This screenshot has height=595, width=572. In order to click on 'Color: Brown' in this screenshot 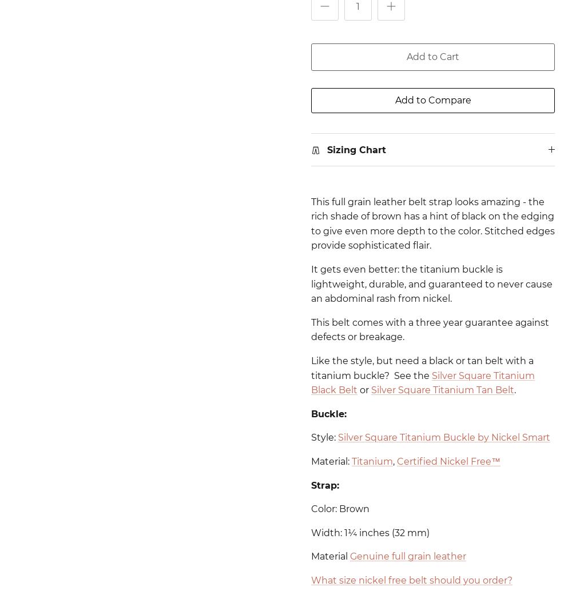, I will do `click(311, 508)`.